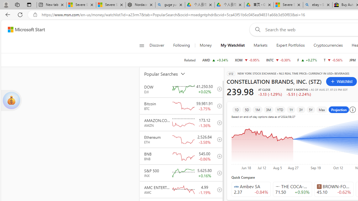 The image size is (358, 201). I want to click on 'Class: autoSuggestIcon-DS-EntryPoint1-1', so click(319, 186).